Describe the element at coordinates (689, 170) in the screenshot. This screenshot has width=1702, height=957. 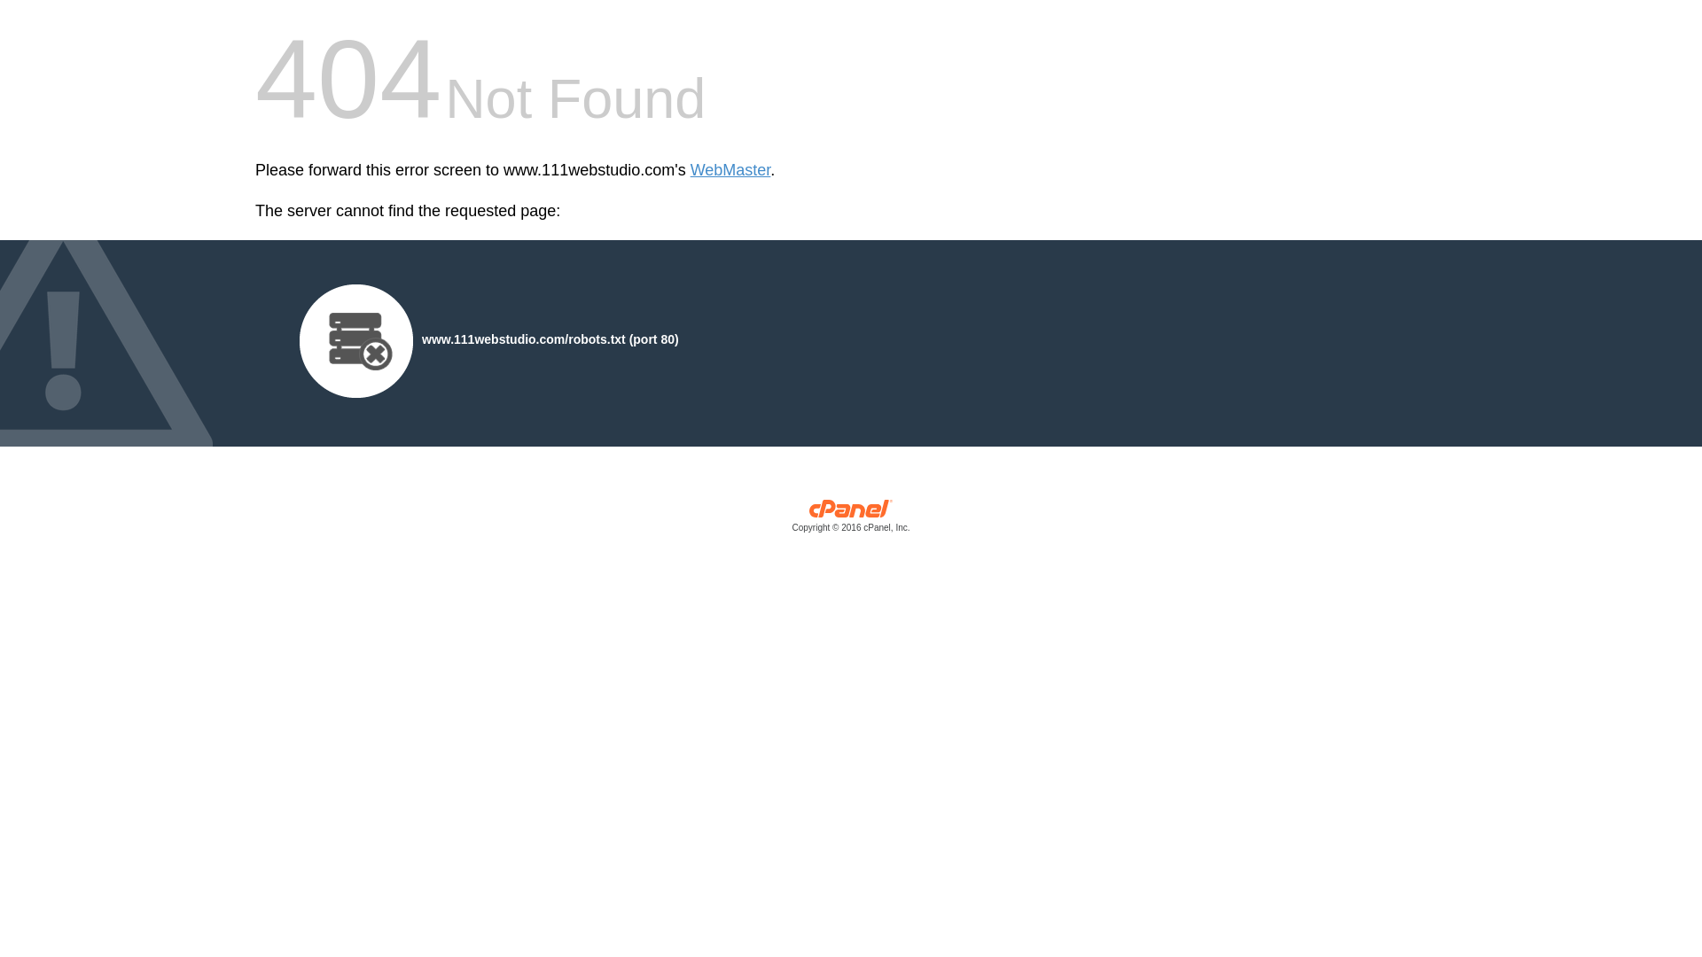
I see `'WebMaster'` at that location.